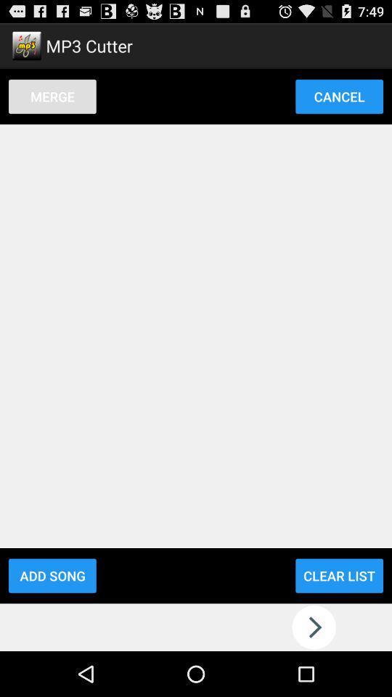 The width and height of the screenshot is (392, 697). I want to click on the button above the add song, so click(52, 95).